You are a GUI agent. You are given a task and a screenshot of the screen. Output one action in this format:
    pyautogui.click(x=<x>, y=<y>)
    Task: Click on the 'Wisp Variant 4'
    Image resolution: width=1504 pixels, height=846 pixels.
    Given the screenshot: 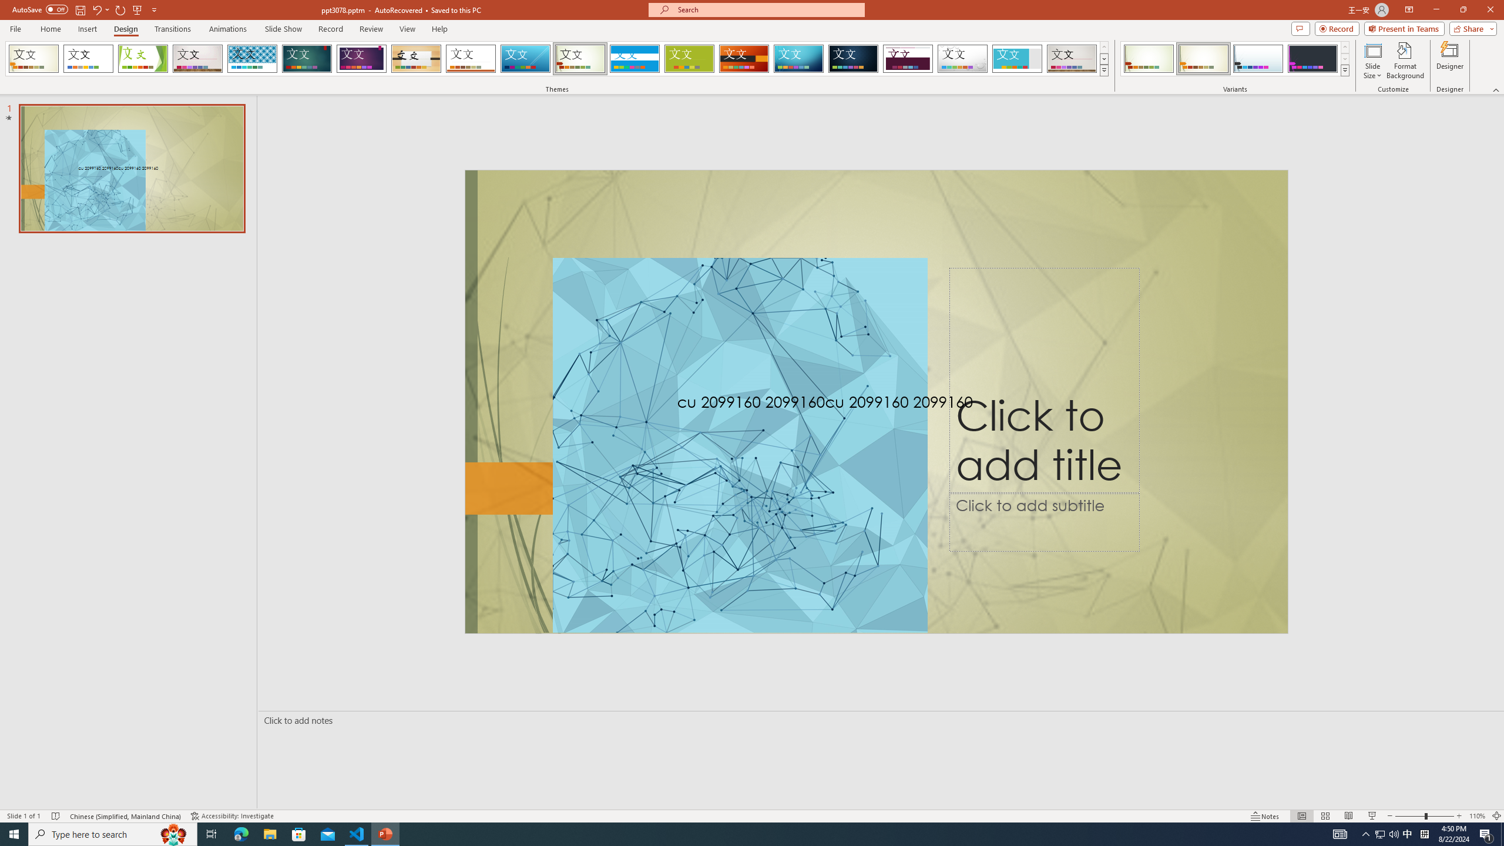 What is the action you would take?
    pyautogui.click(x=1312, y=58)
    